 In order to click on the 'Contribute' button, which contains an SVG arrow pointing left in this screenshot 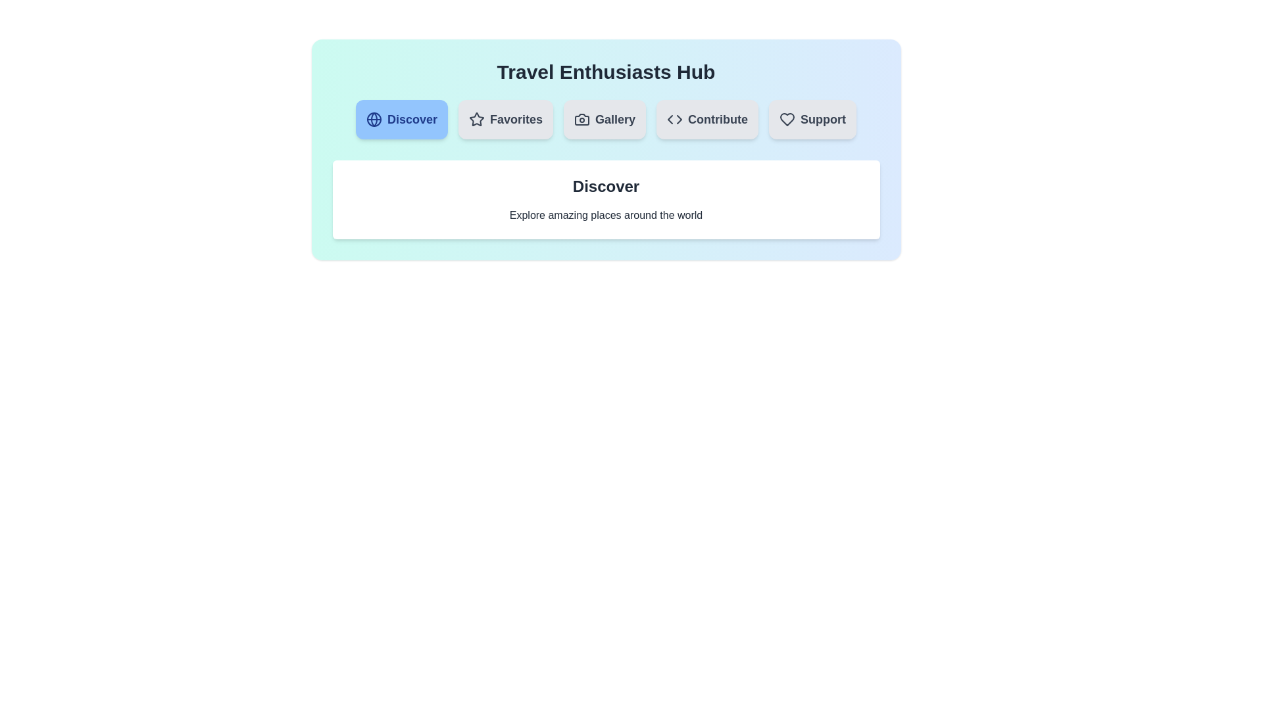, I will do `click(670, 119)`.